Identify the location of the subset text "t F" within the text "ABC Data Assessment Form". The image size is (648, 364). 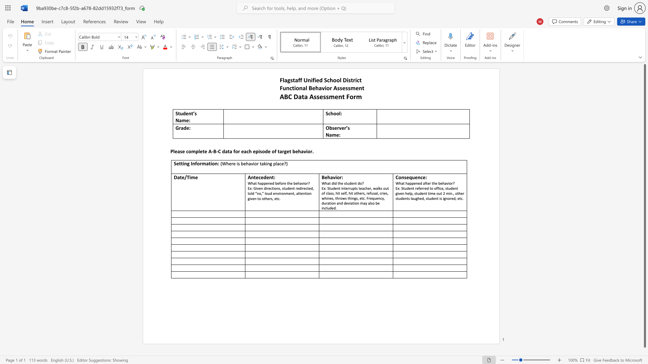
(342, 96).